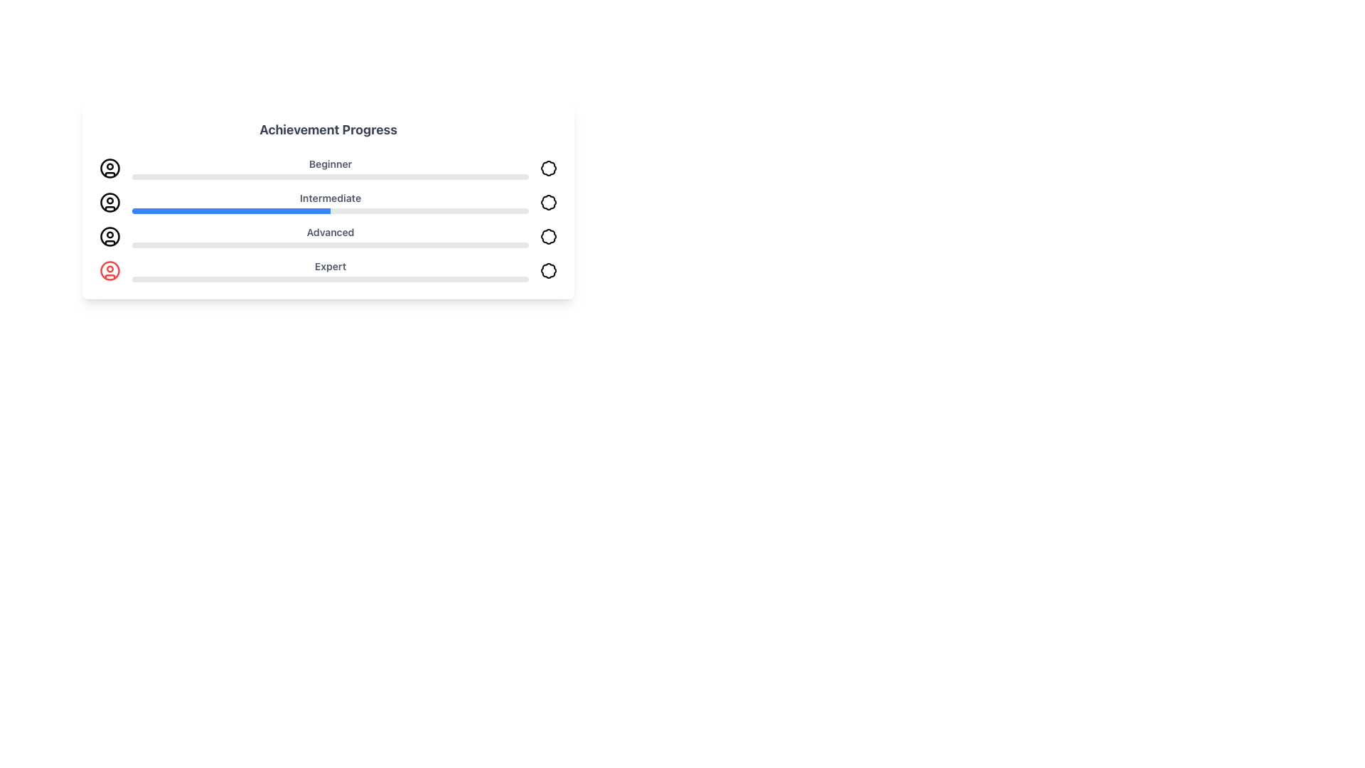 The width and height of the screenshot is (1365, 768). I want to click on the 'Expert' level progress bar in the achievement progress interface, which is the fourth element in the list and visually indicates the completion percentage for that level, so click(327, 271).